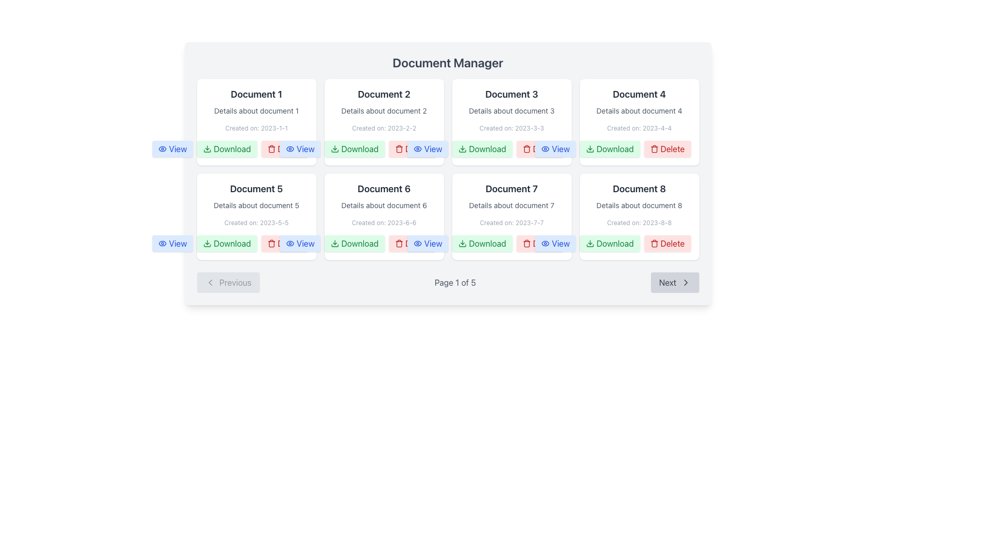  Describe the element at coordinates (383, 111) in the screenshot. I see `the text label that provides additional descriptive information about the document, positioned between the title 'Document 2' and the date 'Created on: 2023-2-2' in the second card of a grid layout` at that location.